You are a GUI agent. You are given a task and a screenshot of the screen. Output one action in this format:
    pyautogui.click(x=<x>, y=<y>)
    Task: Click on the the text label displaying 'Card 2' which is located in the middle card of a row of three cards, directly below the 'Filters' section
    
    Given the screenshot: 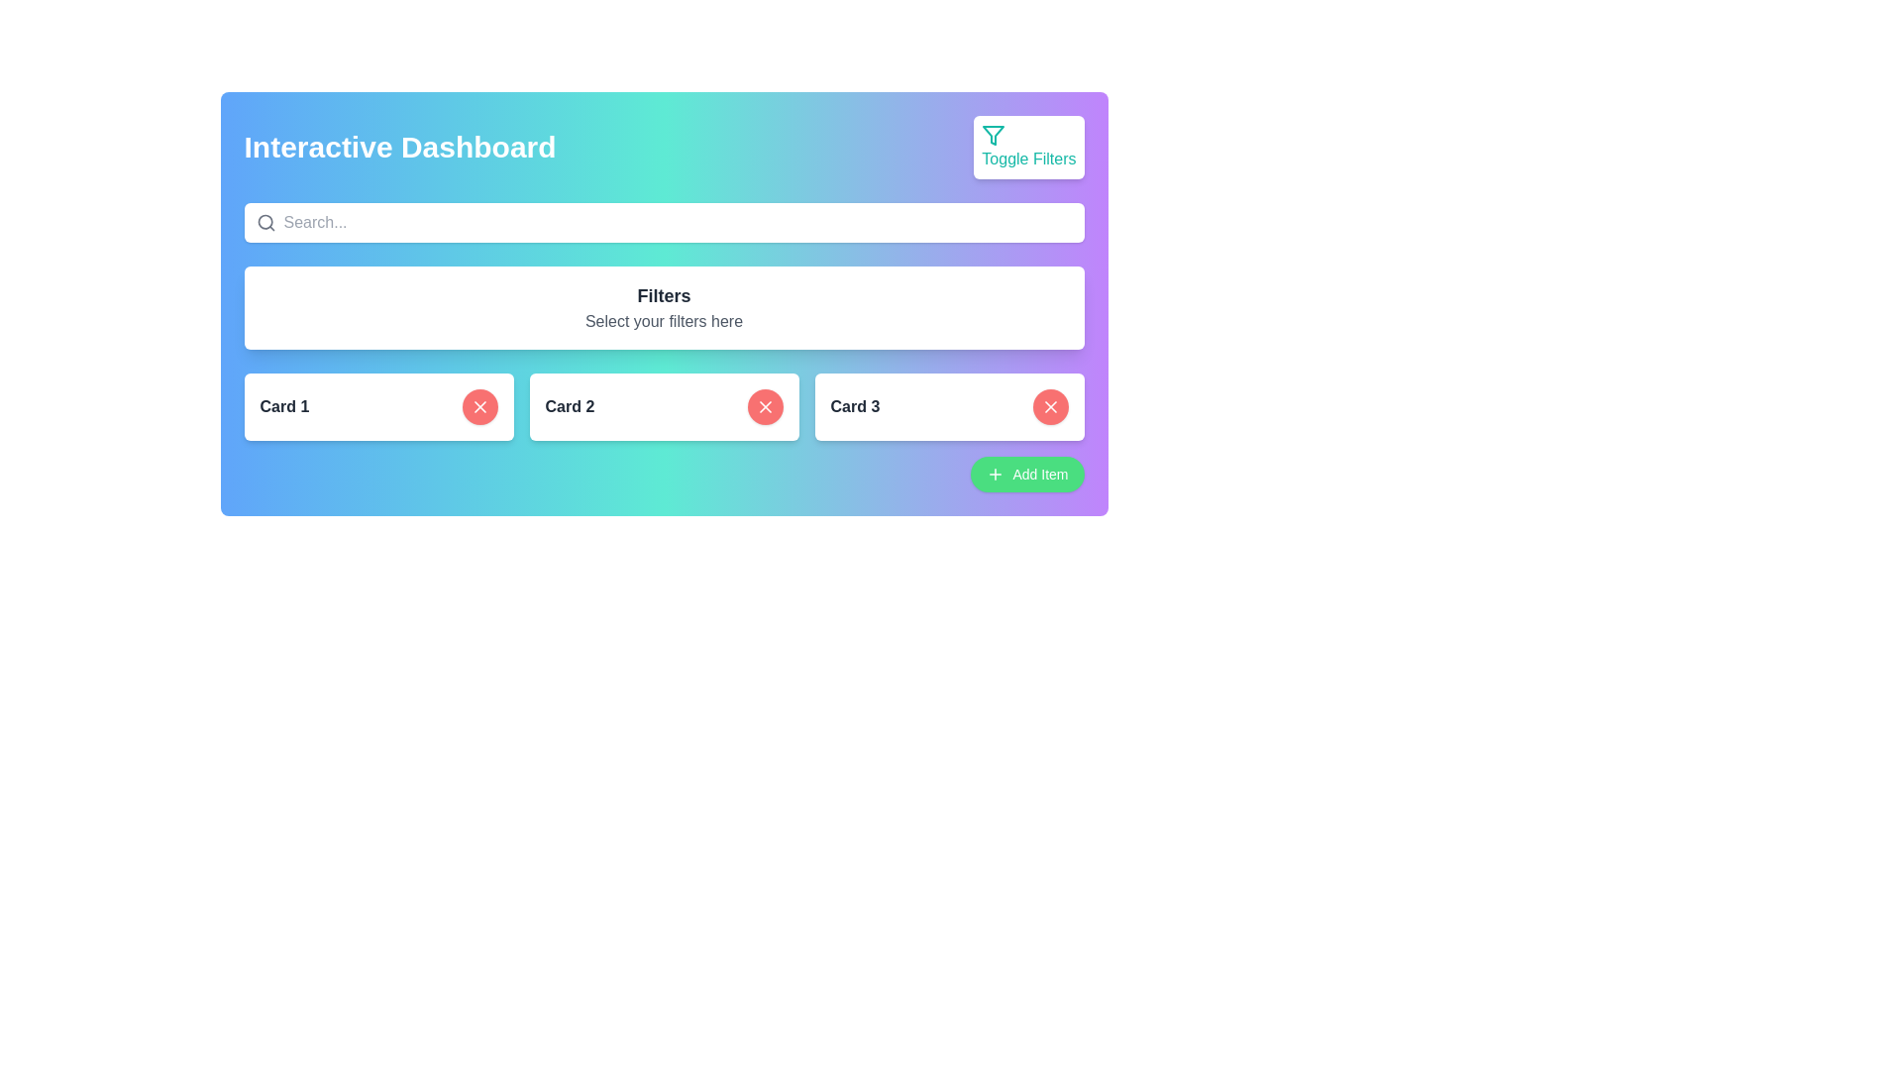 What is the action you would take?
    pyautogui.click(x=569, y=406)
    